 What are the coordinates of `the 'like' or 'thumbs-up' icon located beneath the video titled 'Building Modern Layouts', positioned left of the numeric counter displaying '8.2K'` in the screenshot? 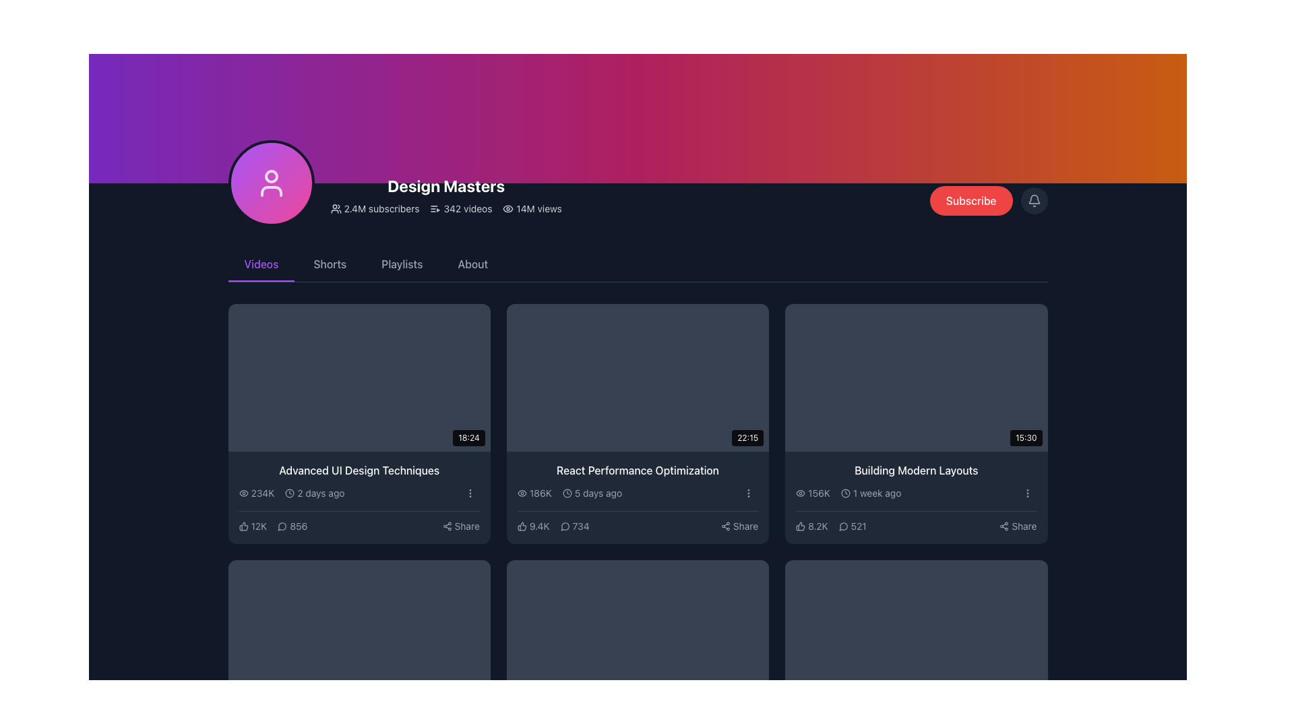 It's located at (801, 525).